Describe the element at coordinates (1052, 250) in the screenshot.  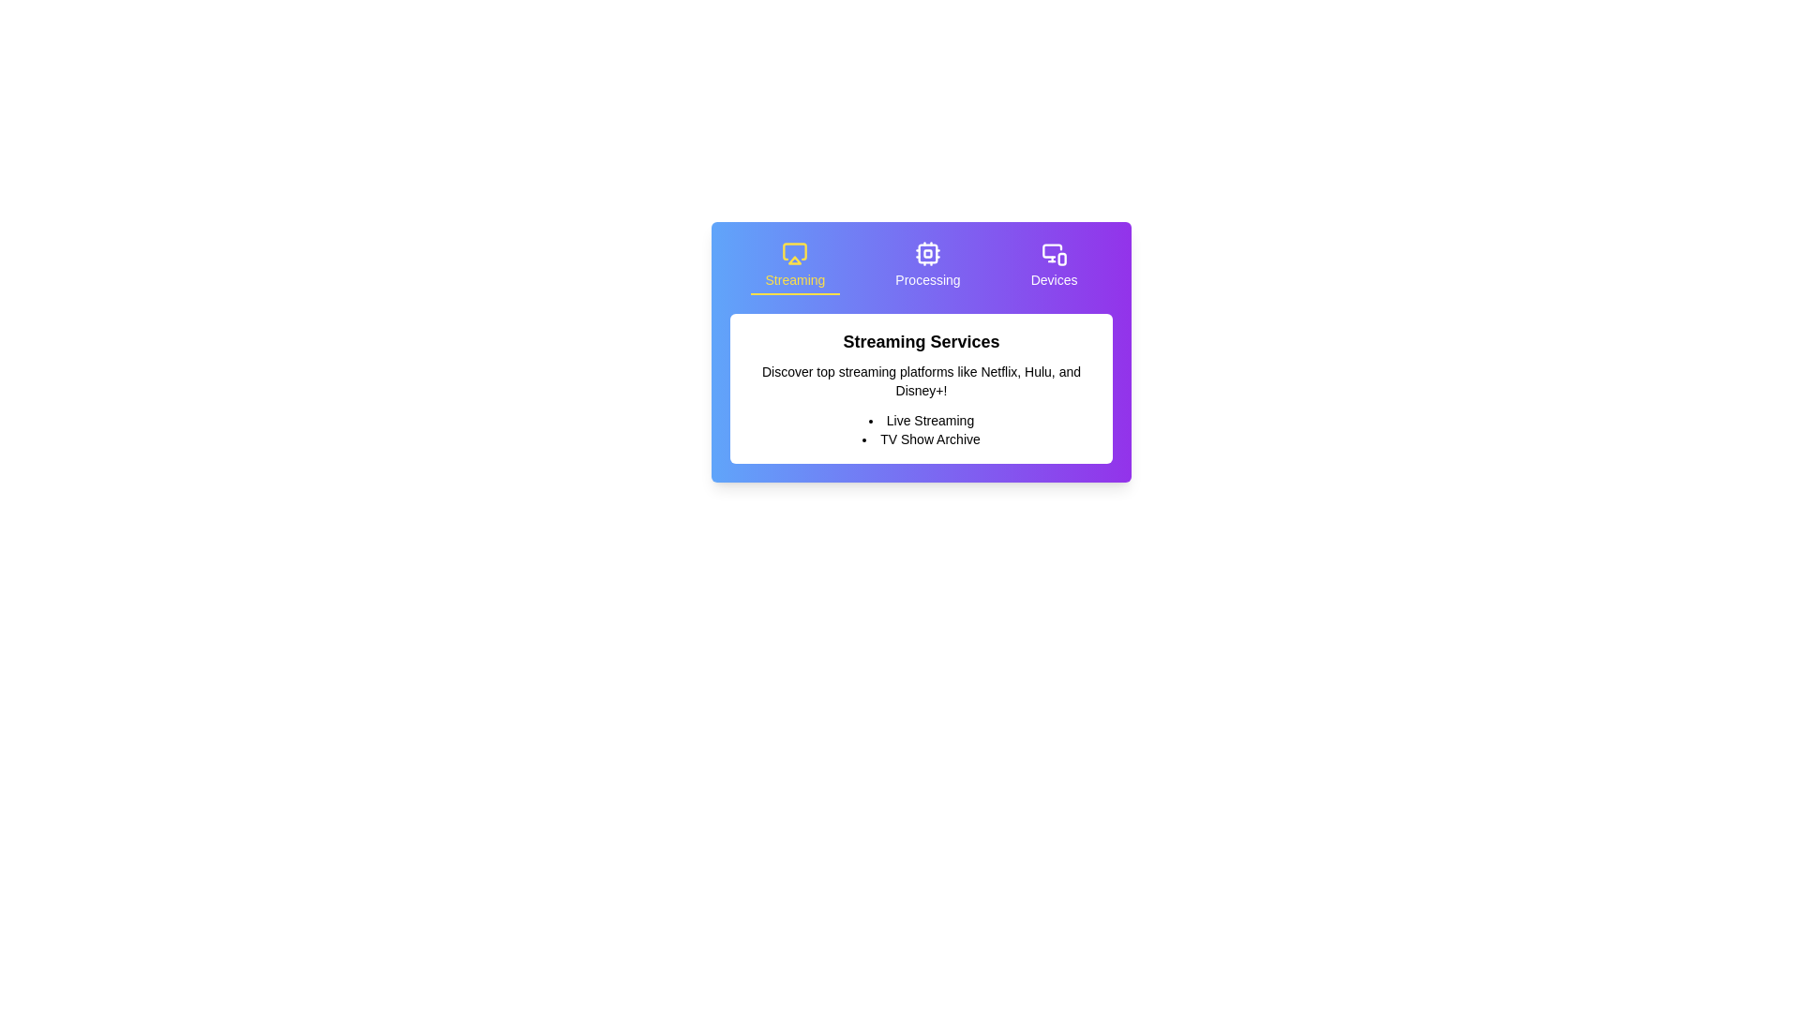
I see `the 'Devices' icon located in the third button from the left in the horizontal navigation bar at the top of the card-style interface` at that location.